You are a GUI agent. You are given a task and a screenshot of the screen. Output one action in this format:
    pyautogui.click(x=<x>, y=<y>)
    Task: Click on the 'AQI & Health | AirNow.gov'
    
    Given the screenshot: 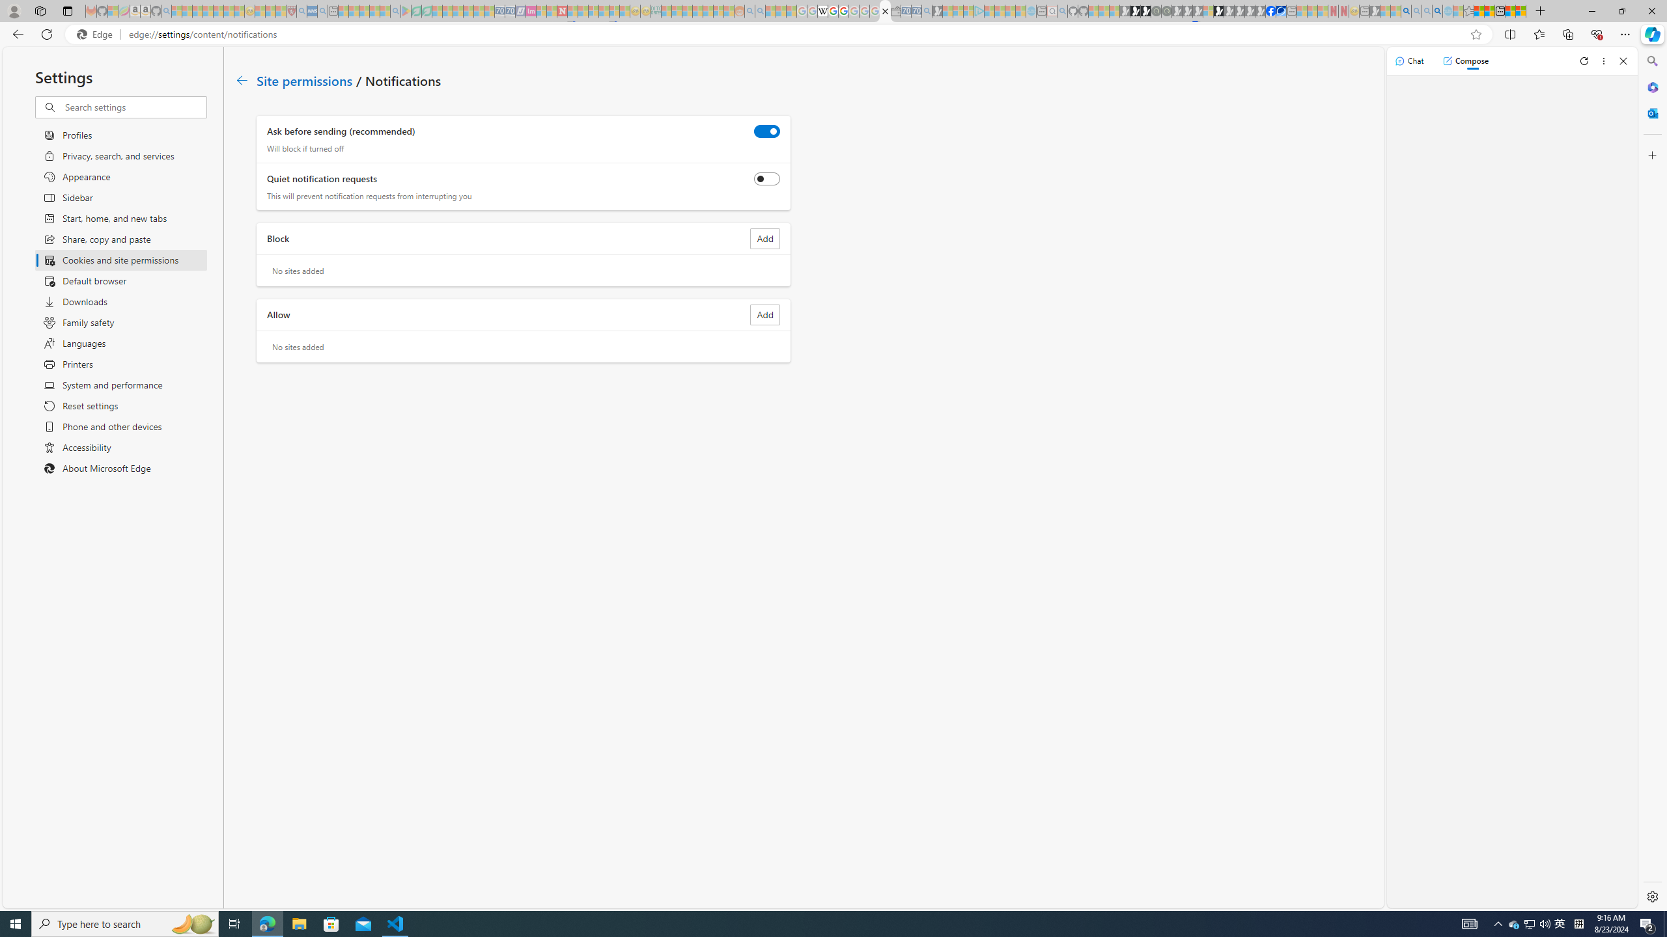 What is the action you would take?
    pyautogui.click(x=1280, y=10)
    